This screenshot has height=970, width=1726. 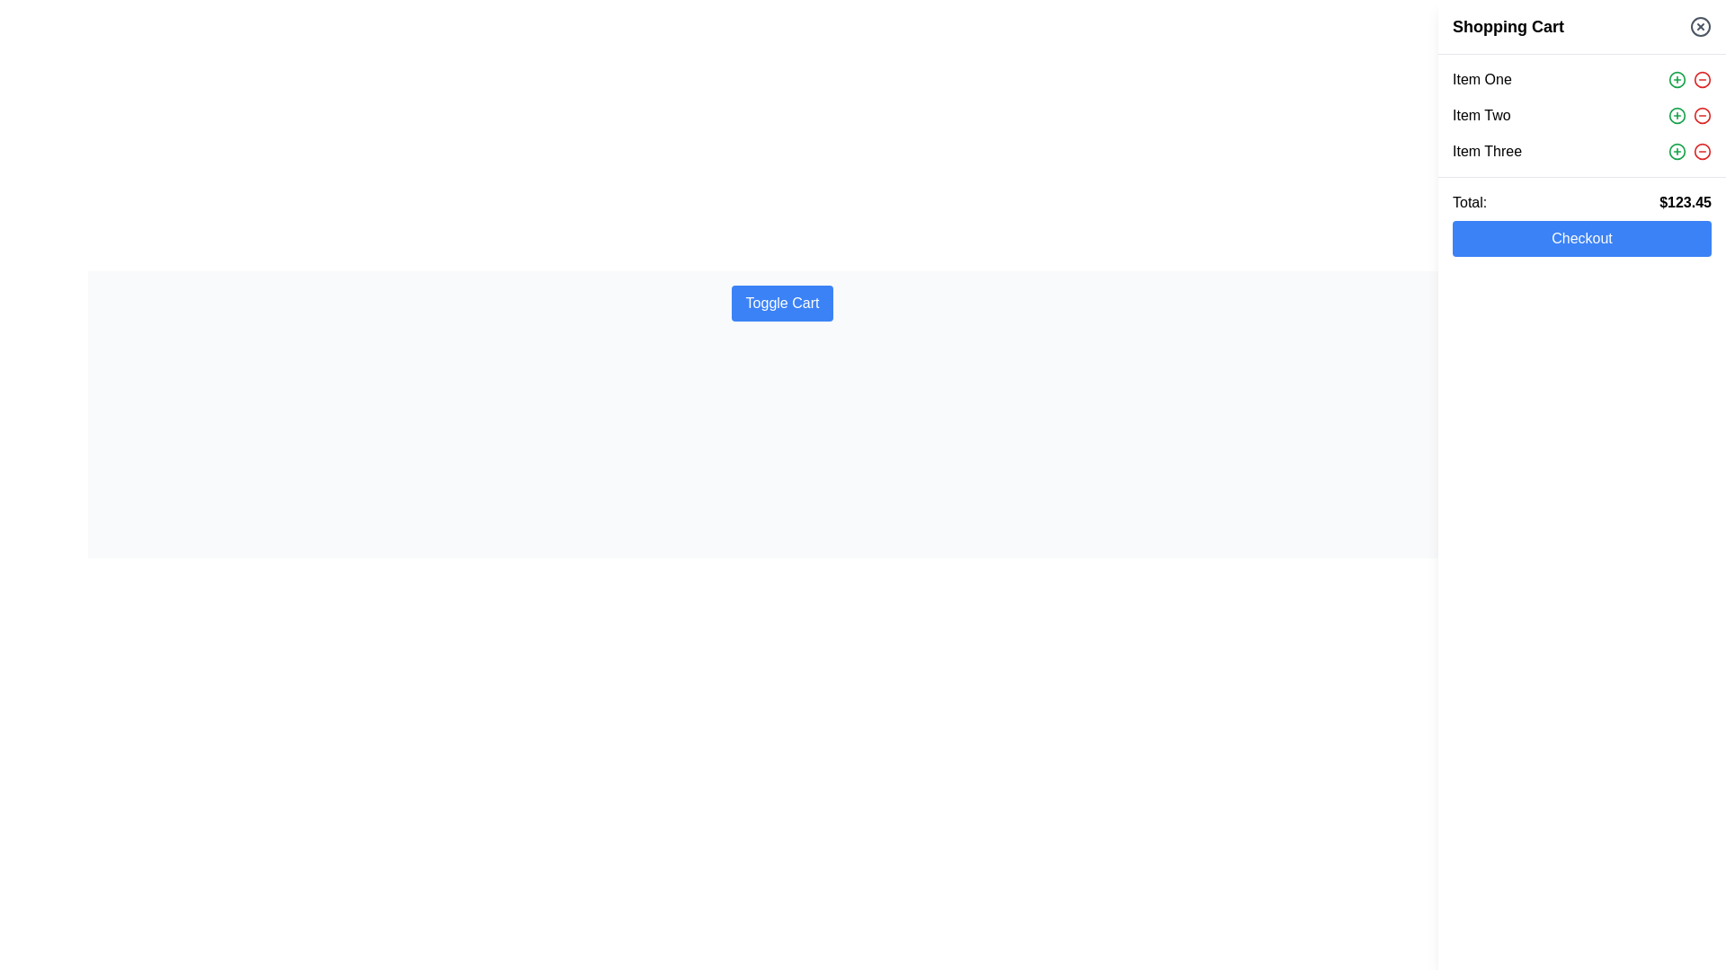 What do you see at coordinates (1689, 151) in the screenshot?
I see `the green '+' button to increase the quantity of 'Item Three' in the shopping cart panel, located on the far-right within the row labeled 'Item Three'` at bounding box center [1689, 151].